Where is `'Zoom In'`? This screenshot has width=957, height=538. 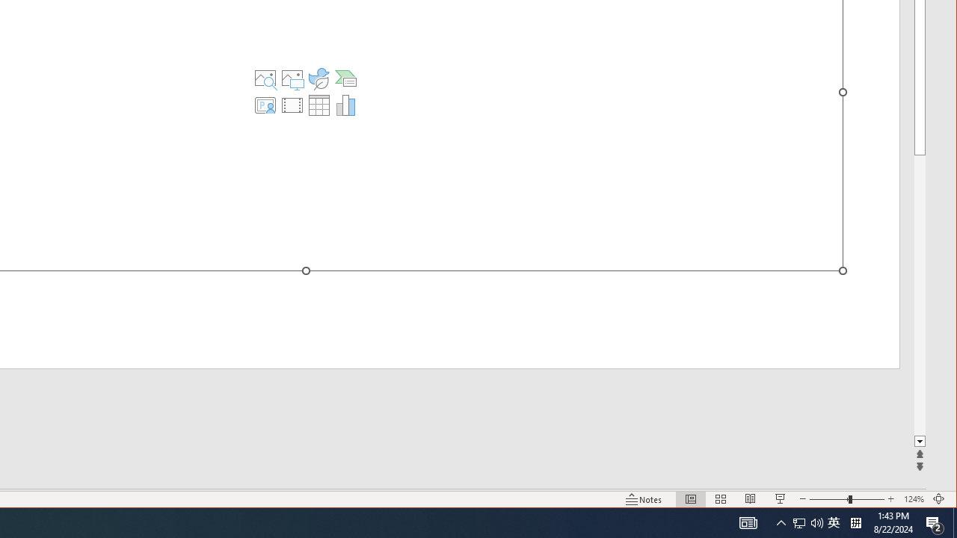 'Zoom In' is located at coordinates (890, 499).